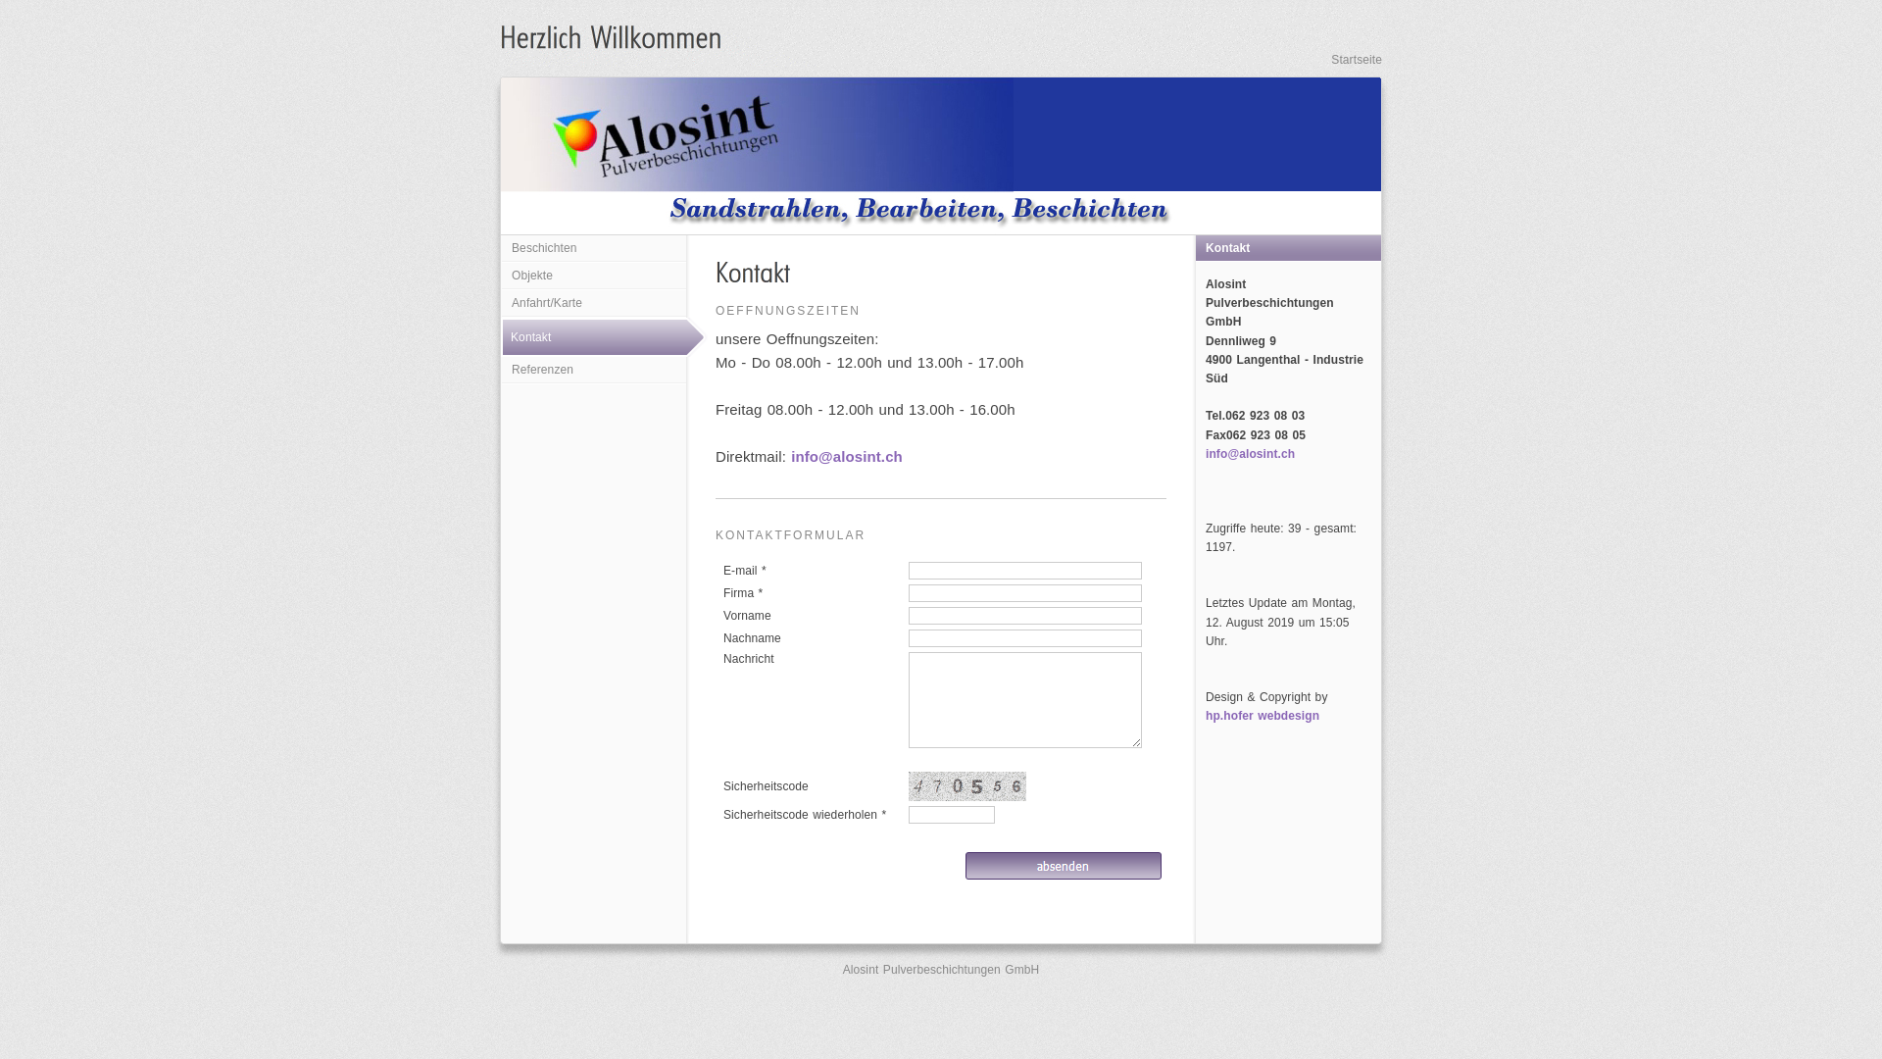 The height and width of the screenshot is (1059, 1882). Describe the element at coordinates (606, 335) in the screenshot. I see `'Kontakt'` at that location.